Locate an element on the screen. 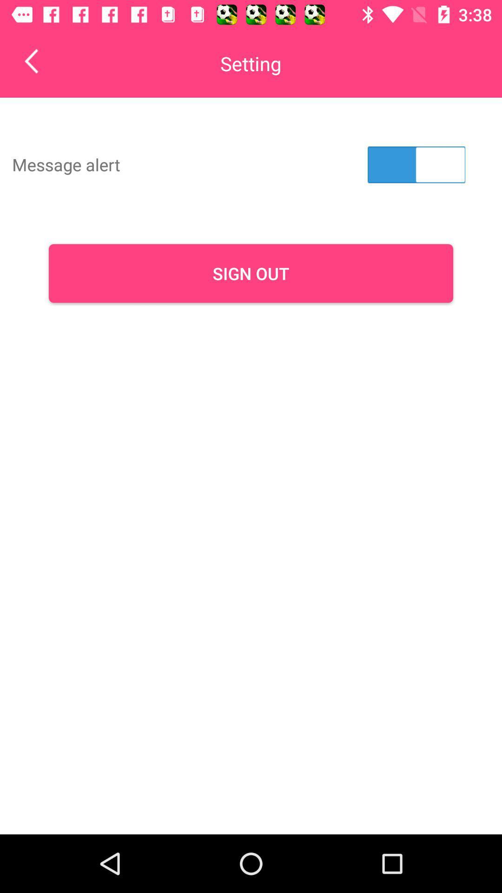 The image size is (502, 893). sign out item is located at coordinates (251, 273).